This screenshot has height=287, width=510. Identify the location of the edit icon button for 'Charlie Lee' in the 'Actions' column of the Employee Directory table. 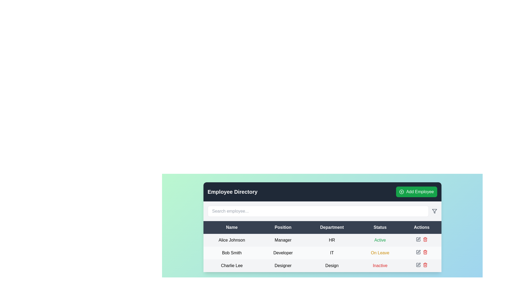
(418, 265).